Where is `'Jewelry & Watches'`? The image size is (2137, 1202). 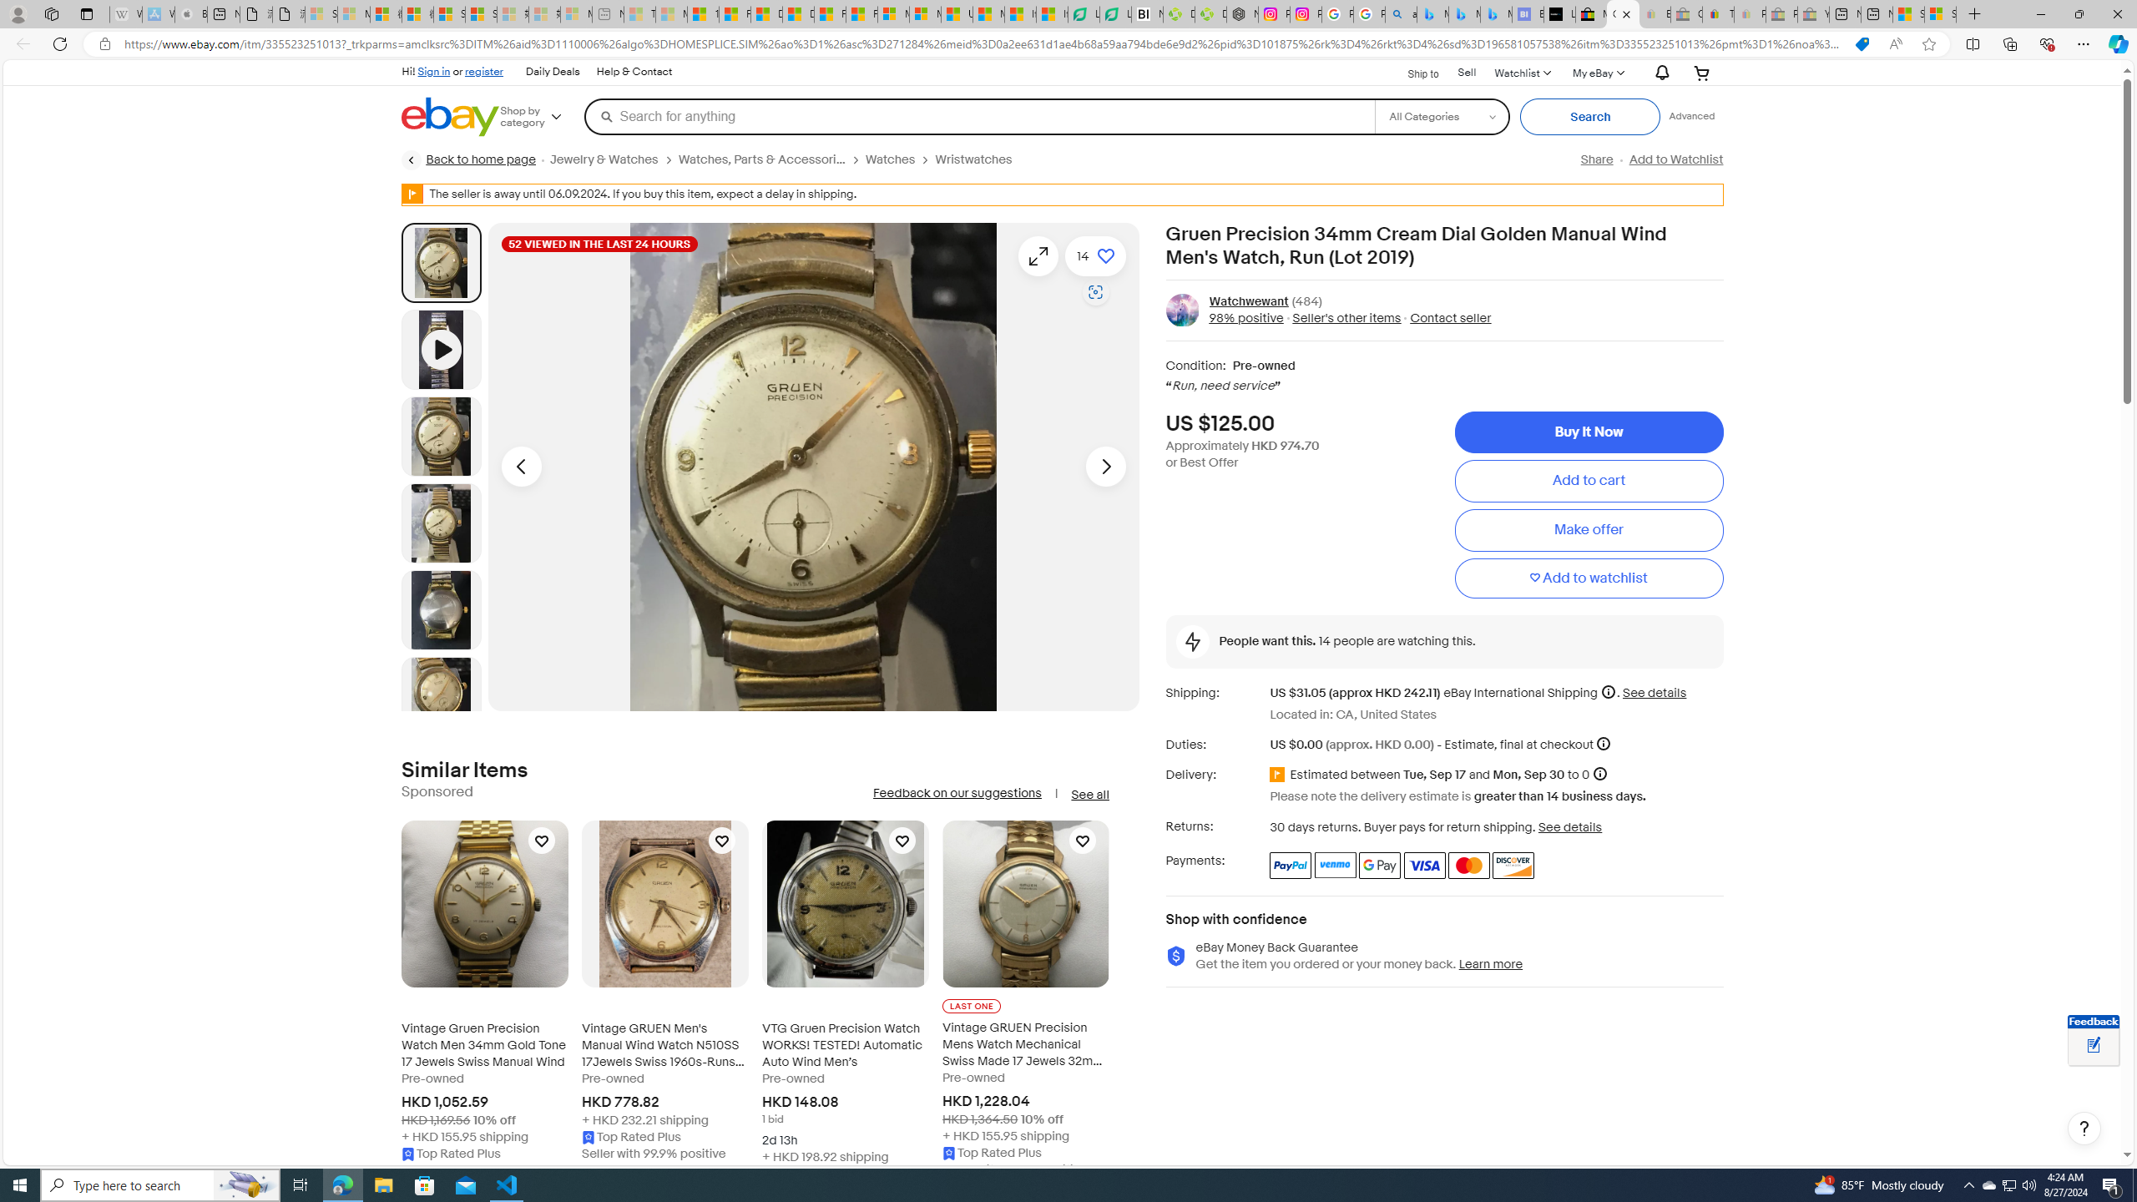
'Jewelry & Watches' is located at coordinates (614, 159).